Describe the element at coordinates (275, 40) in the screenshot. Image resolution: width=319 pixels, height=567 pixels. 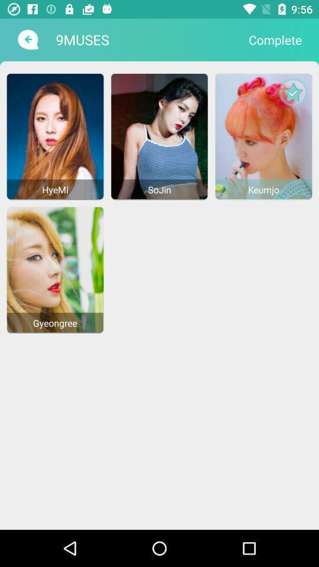
I see `complete` at that location.